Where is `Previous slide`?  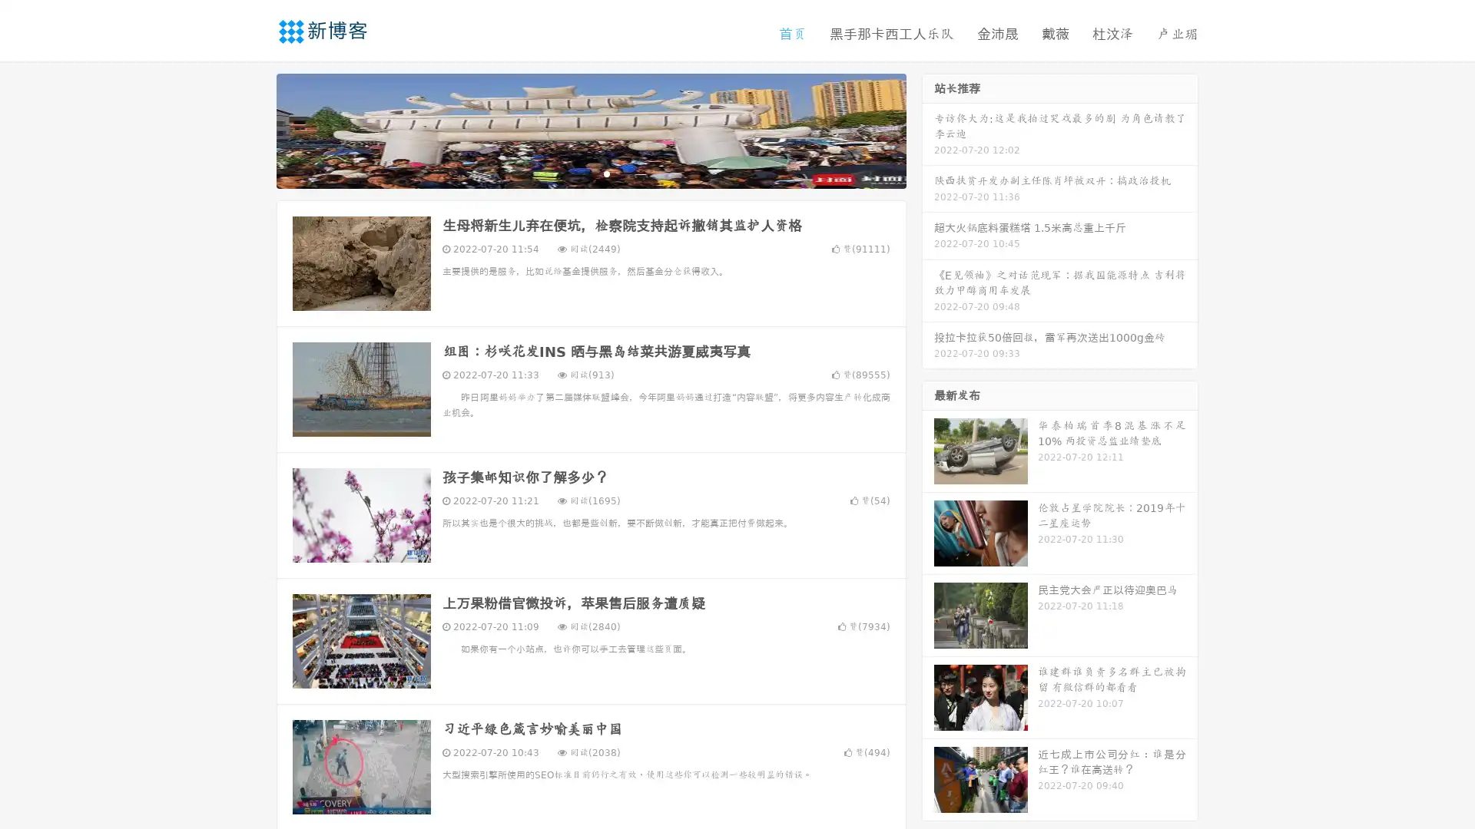
Previous slide is located at coordinates (254, 129).